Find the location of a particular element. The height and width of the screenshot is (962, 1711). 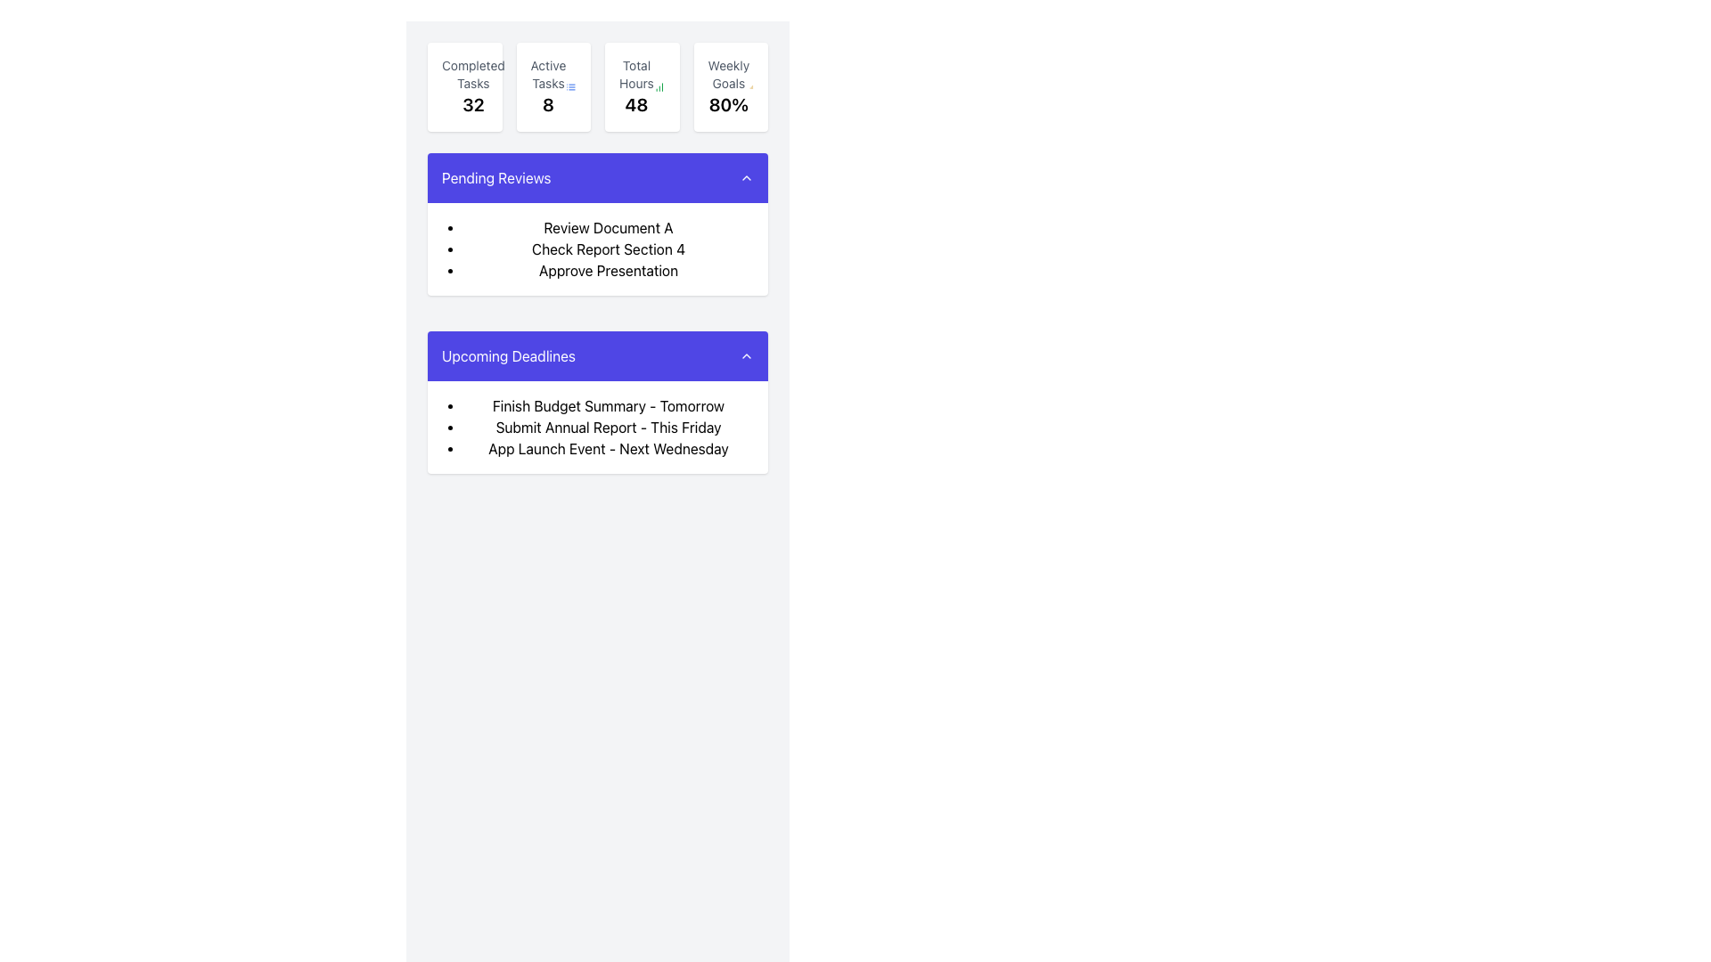

the blue list icon located in the top-right corner of the 'Active Tasks' card to gather information is located at coordinates (571, 86).